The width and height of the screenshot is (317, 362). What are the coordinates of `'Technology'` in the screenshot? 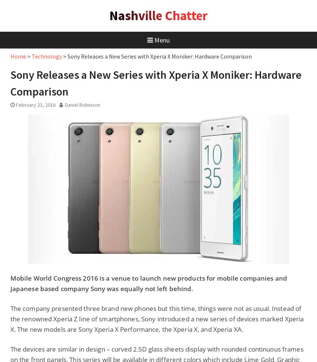 It's located at (31, 55).